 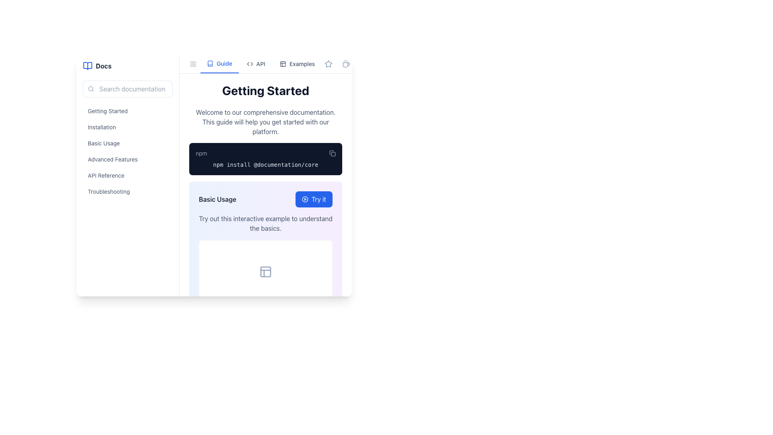 What do you see at coordinates (219, 63) in the screenshot?
I see `the 'Guide' Navigation Tab, which features a blue text label and a book icon` at bounding box center [219, 63].